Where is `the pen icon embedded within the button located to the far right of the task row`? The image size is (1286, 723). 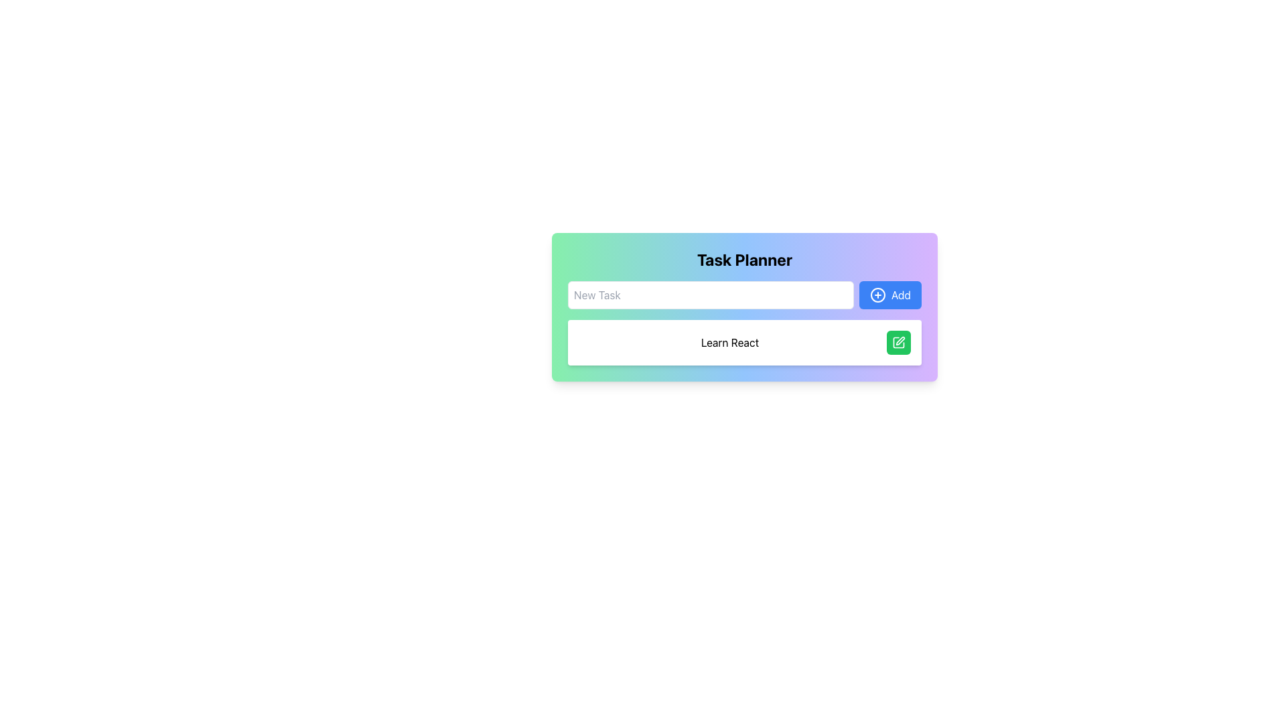
the pen icon embedded within the button located to the far right of the task row is located at coordinates (900, 340).